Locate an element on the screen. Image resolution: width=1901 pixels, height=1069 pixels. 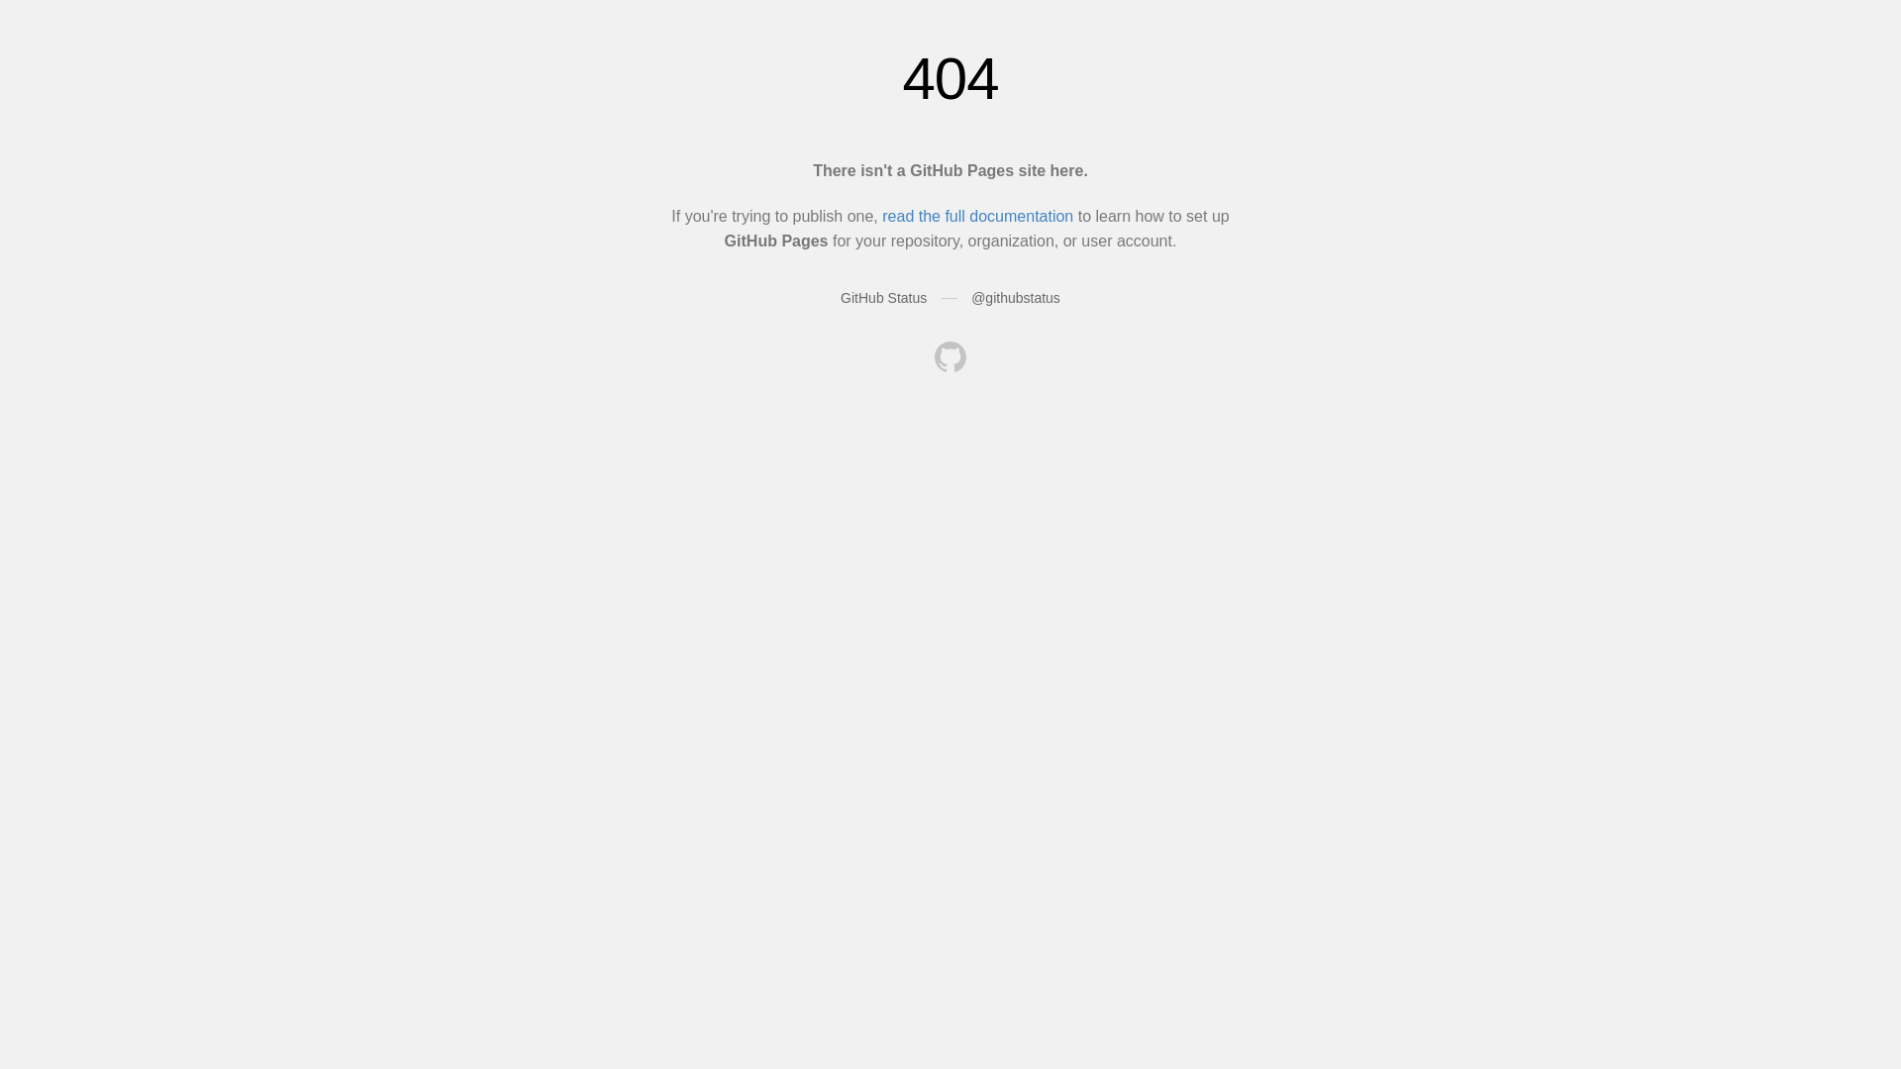
'read the full documentation' is located at coordinates (881, 216).